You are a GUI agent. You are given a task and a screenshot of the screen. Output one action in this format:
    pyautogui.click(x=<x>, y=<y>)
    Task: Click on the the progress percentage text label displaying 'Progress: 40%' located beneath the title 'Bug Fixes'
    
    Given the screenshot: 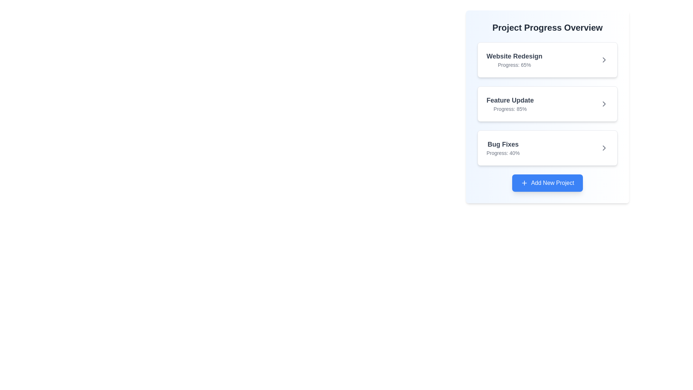 What is the action you would take?
    pyautogui.click(x=502, y=153)
    